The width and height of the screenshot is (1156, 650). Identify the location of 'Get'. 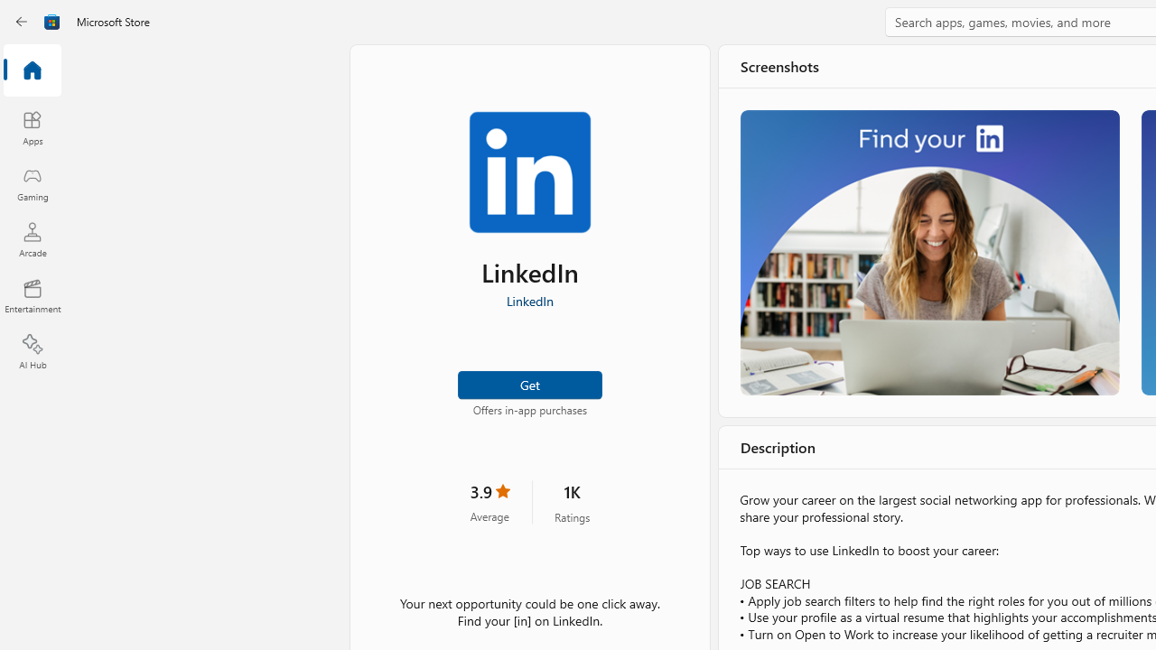
(528, 383).